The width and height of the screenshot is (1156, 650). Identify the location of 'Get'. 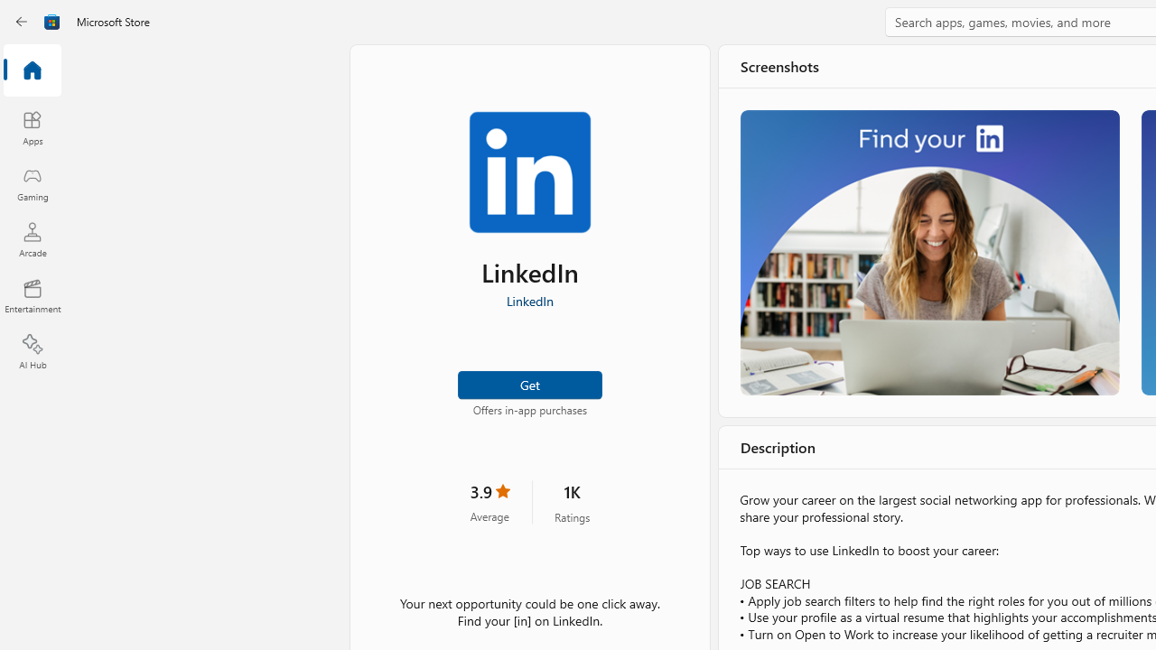
(528, 383).